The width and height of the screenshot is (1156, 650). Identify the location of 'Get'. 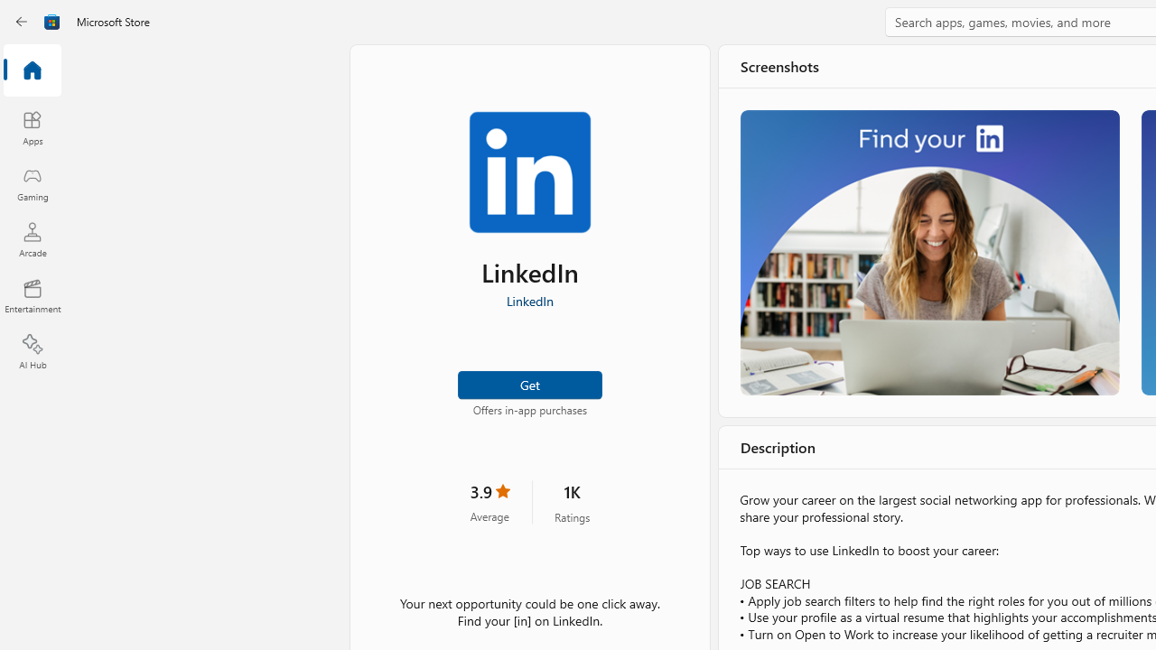
(528, 383).